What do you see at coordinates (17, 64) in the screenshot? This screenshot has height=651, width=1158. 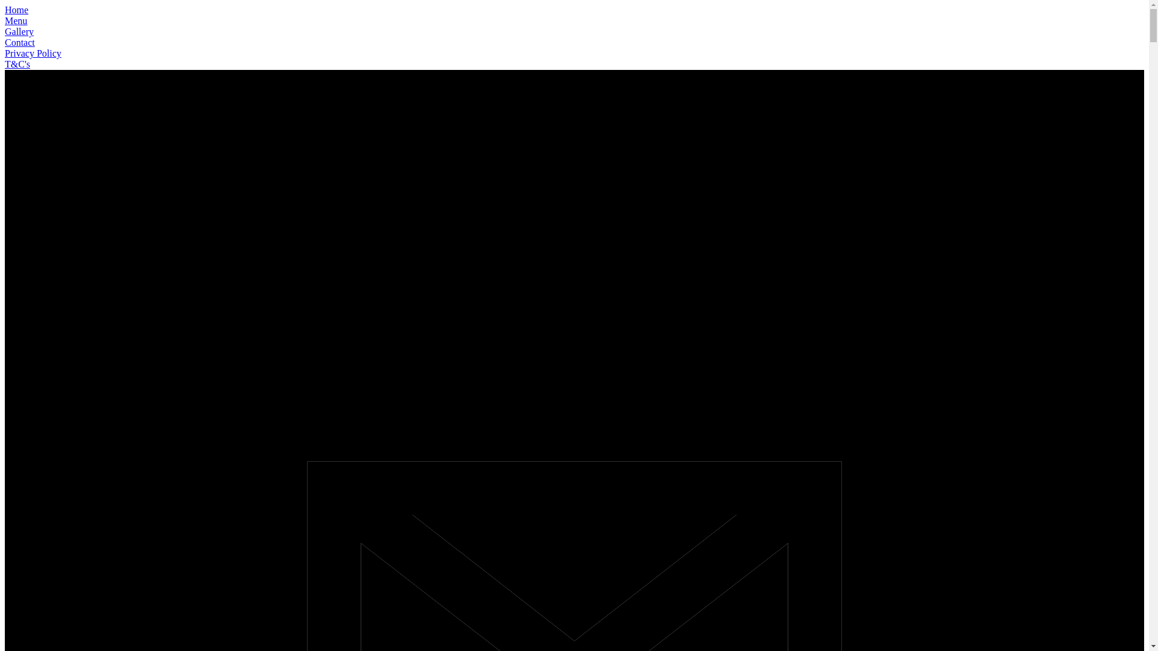 I see `'T&C's'` at bounding box center [17, 64].